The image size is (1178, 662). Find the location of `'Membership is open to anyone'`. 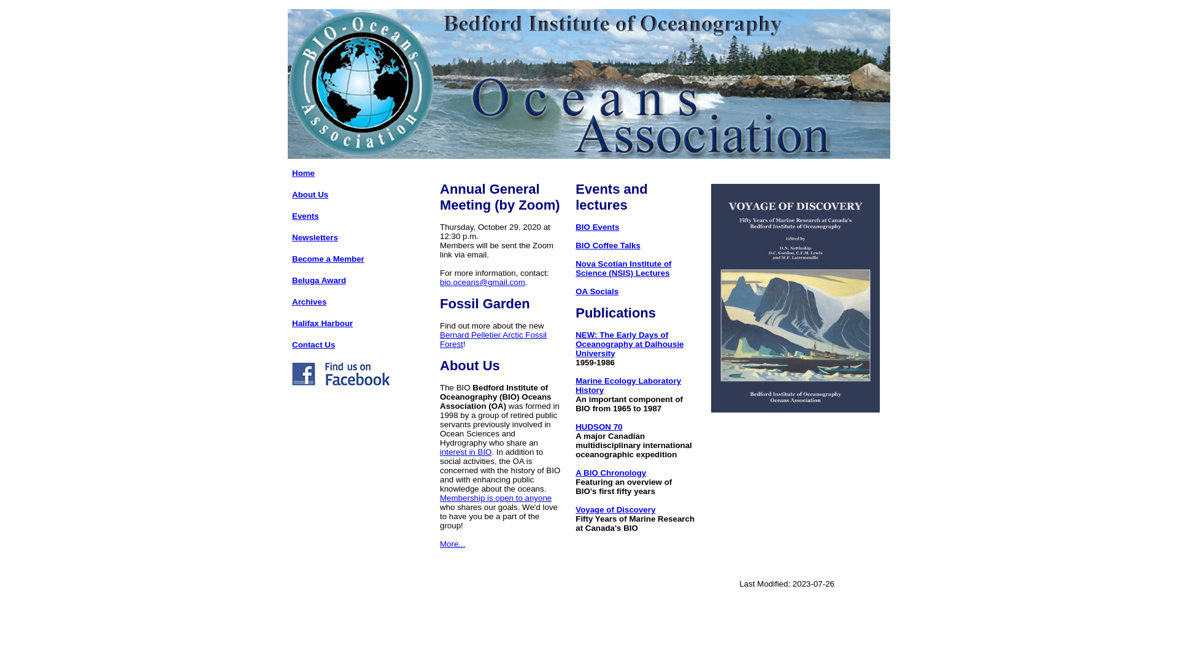

'Membership is open to anyone' is located at coordinates (495, 498).